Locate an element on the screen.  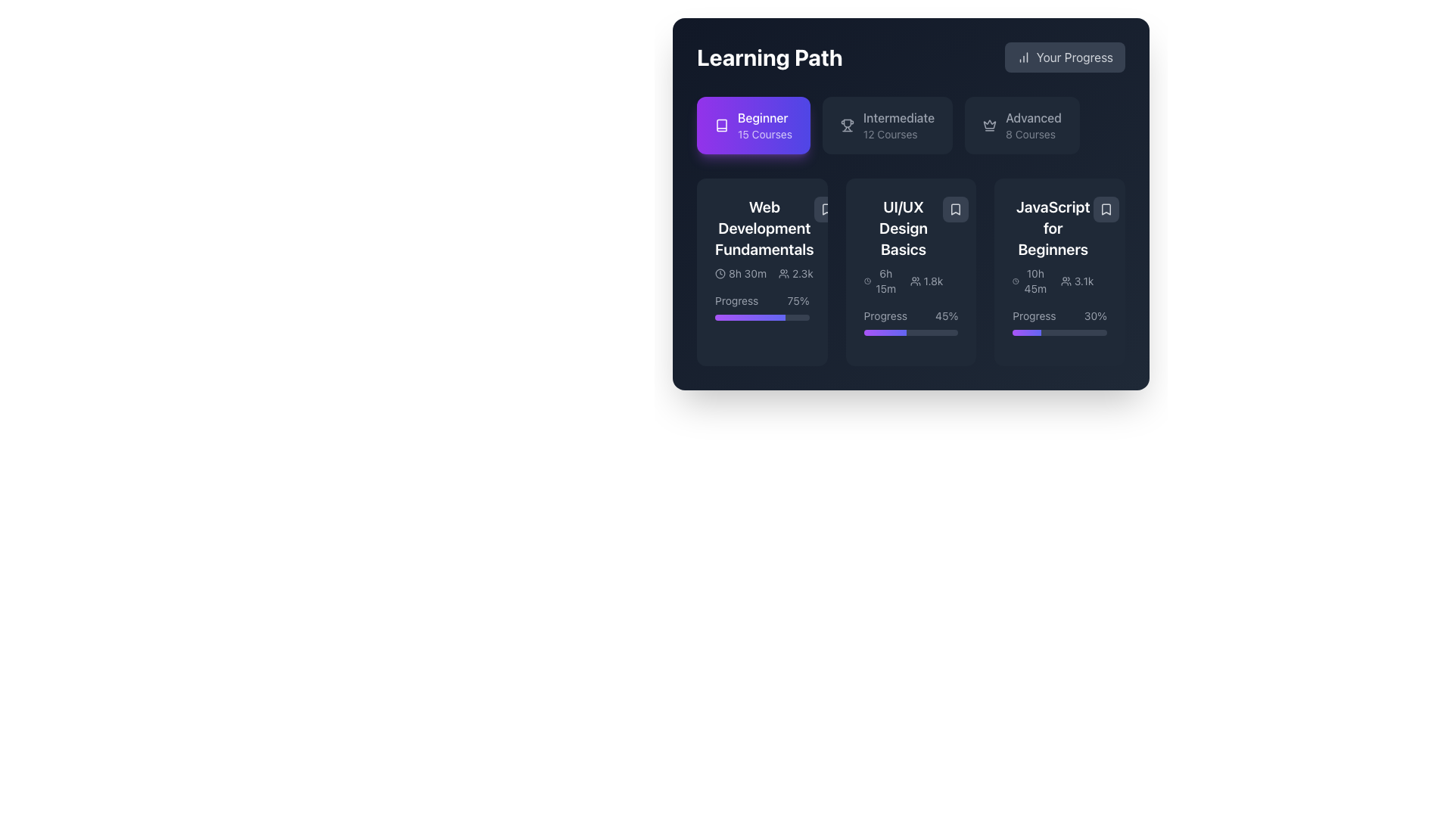
the 'Beginner' level text label which indicates the category for beginner courses in the learning paths section is located at coordinates (764, 116).